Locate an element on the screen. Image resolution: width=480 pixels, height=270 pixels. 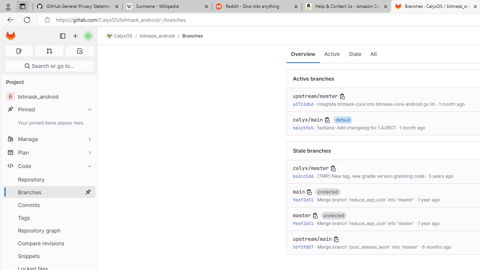
'Merge requests 0' is located at coordinates (49, 51).